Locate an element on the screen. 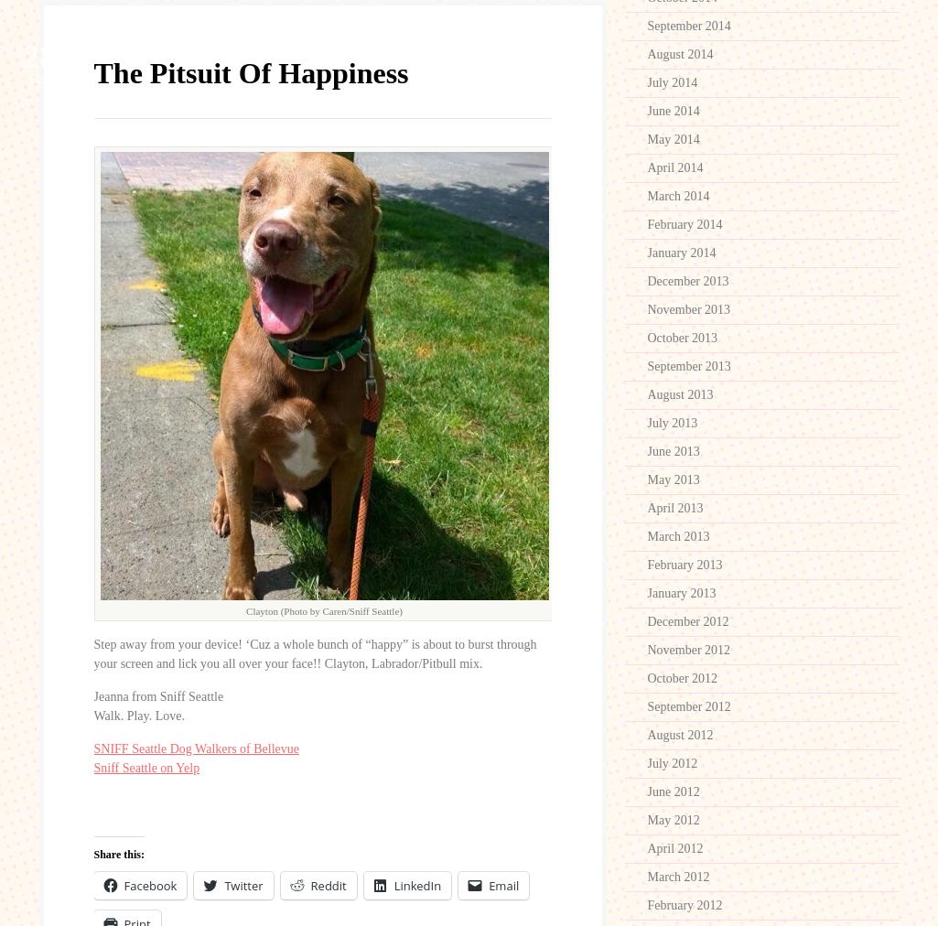 This screenshot has height=926, width=938. 'Jeanna from Sniff Seattle' is located at coordinates (157, 694).